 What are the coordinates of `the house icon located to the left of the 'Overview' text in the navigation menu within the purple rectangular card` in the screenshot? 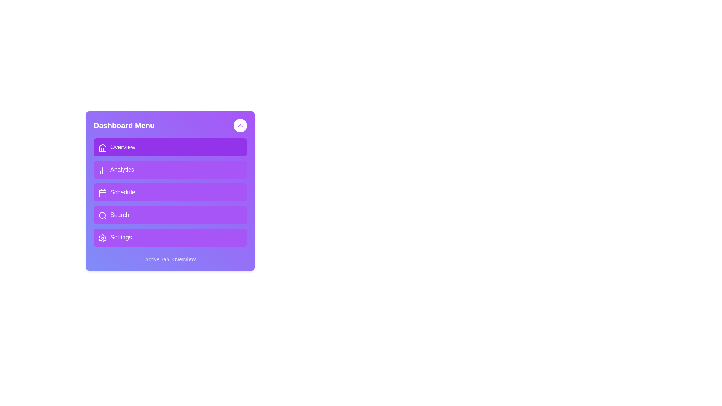 It's located at (101, 147).